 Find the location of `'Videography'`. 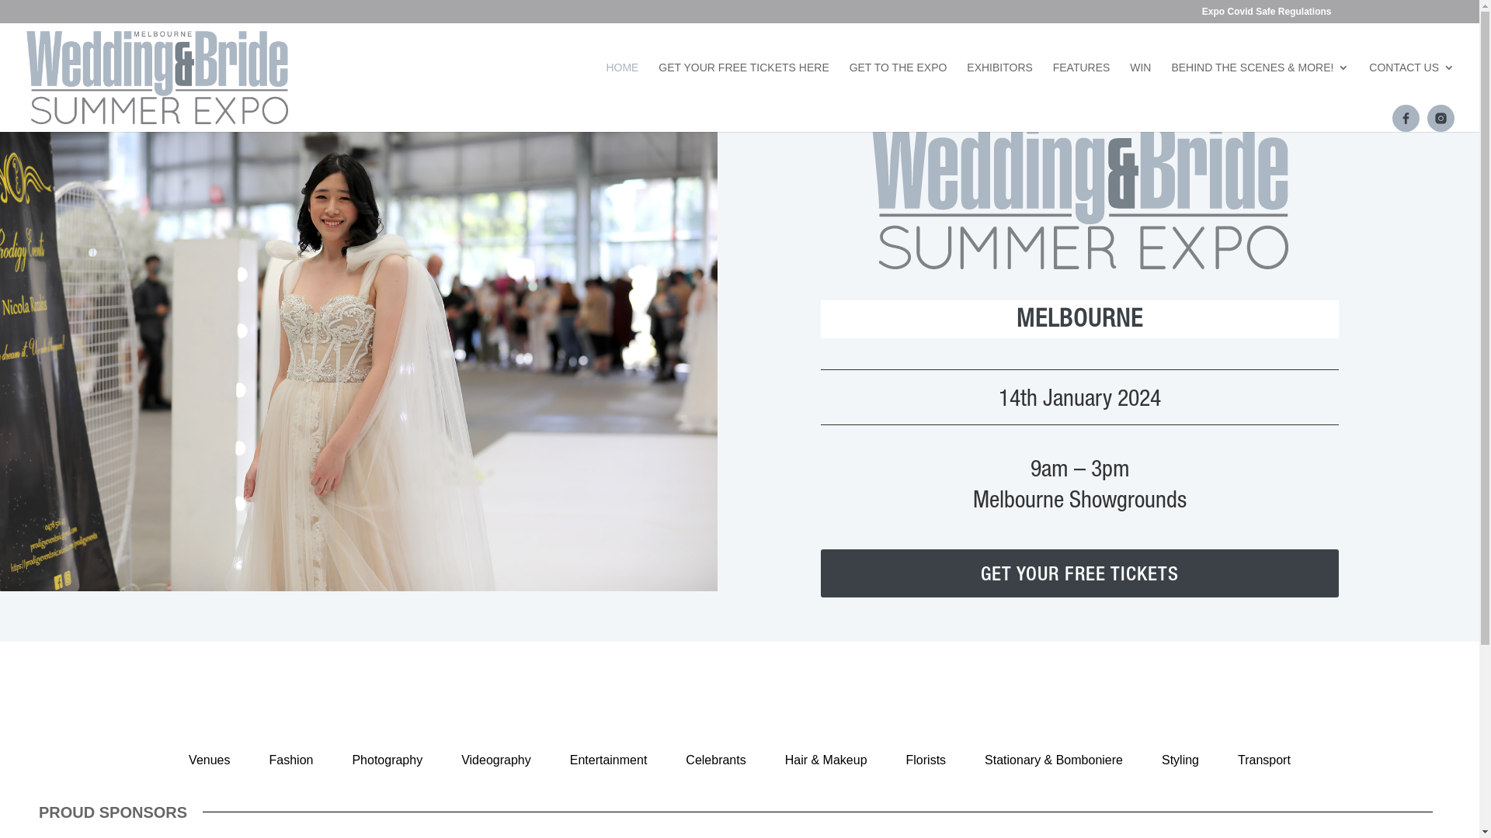

'Videography' is located at coordinates (447, 759).